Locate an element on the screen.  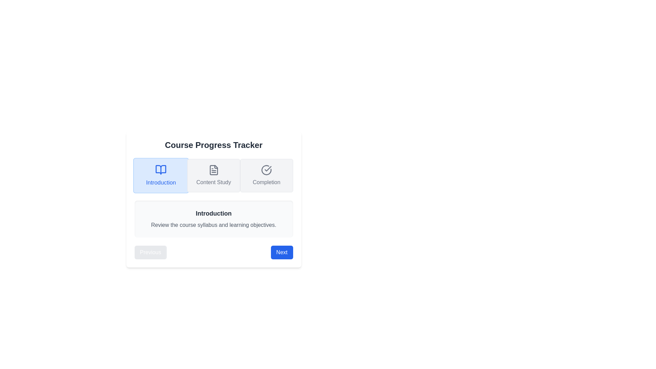
the card with a light gray background and a circular checkmark icon at the top center is located at coordinates (266, 175).